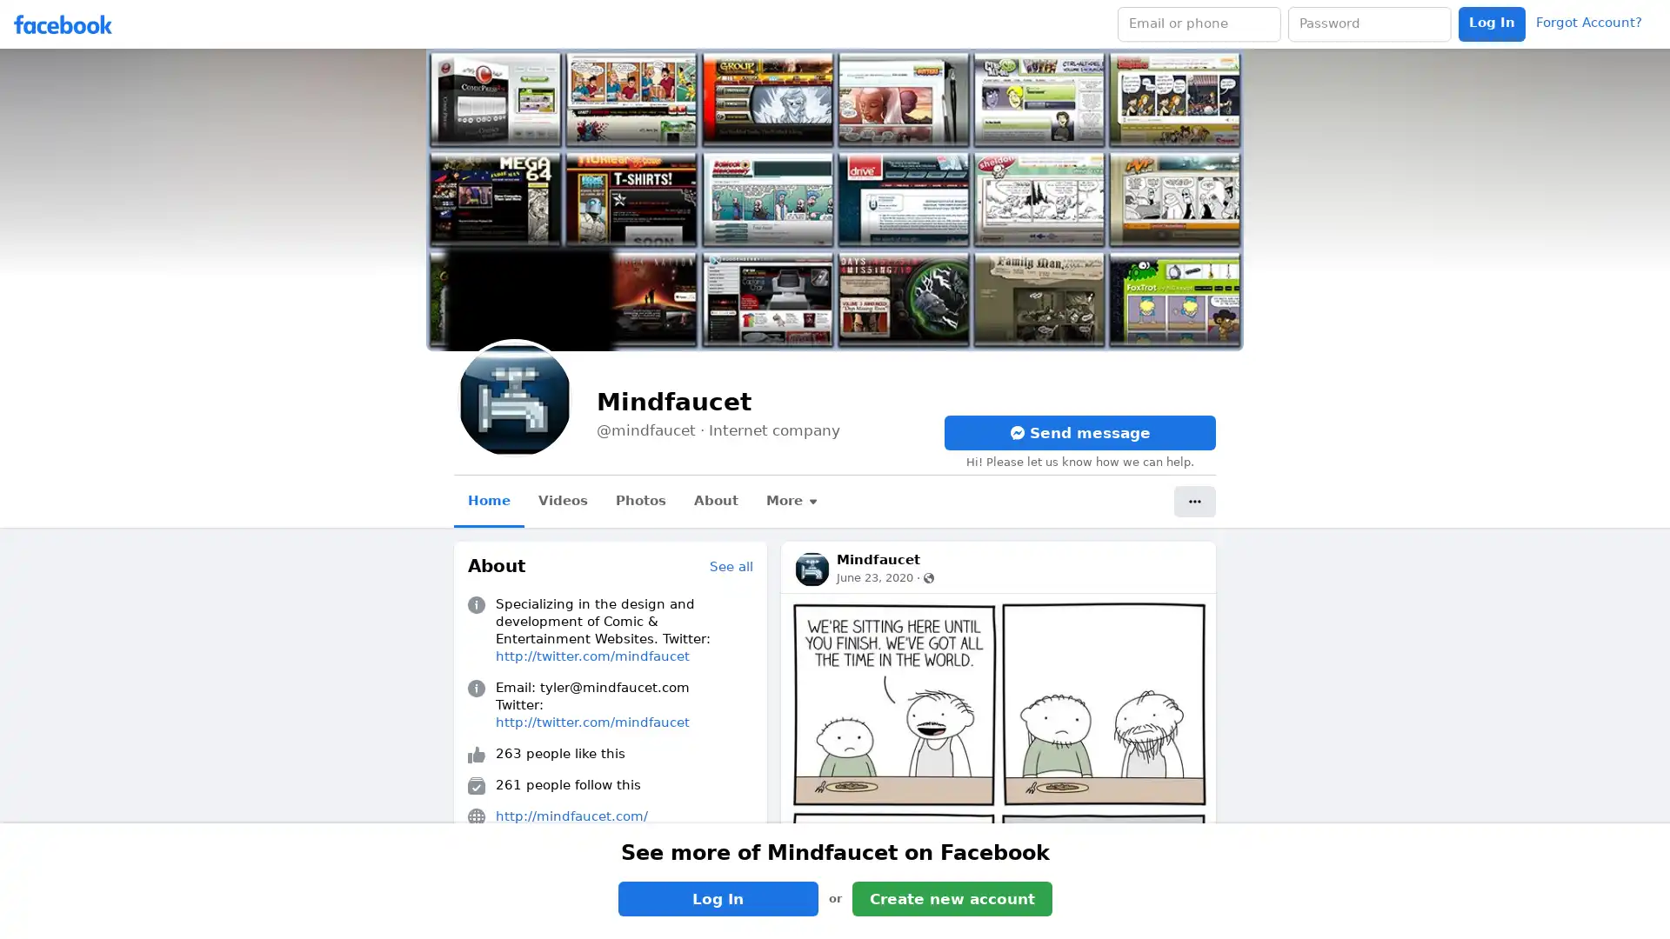  Describe the element at coordinates (1491, 23) in the screenshot. I see `Accessible login button` at that location.